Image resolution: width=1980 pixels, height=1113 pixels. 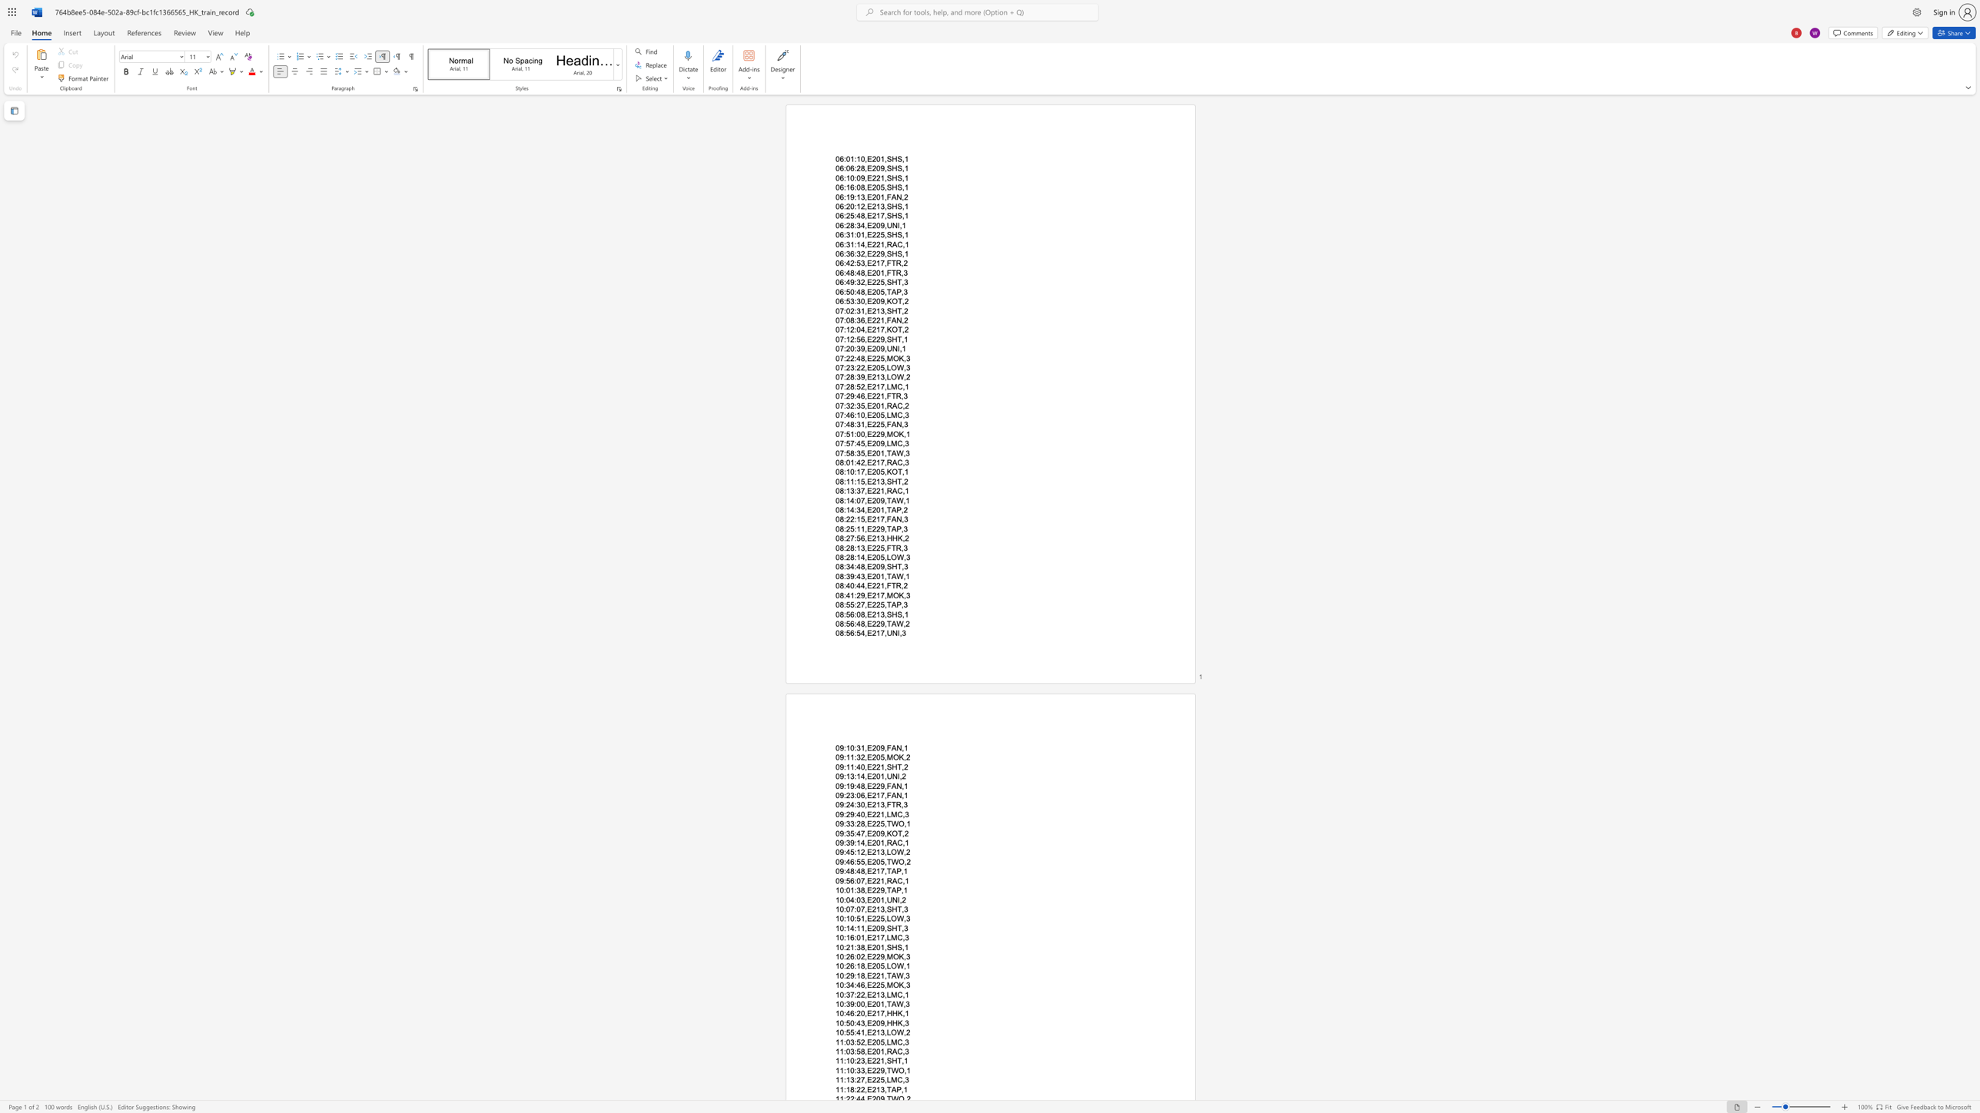 What do you see at coordinates (883, 908) in the screenshot?
I see `the space between the continuous character "3" and "," in the text` at bounding box center [883, 908].